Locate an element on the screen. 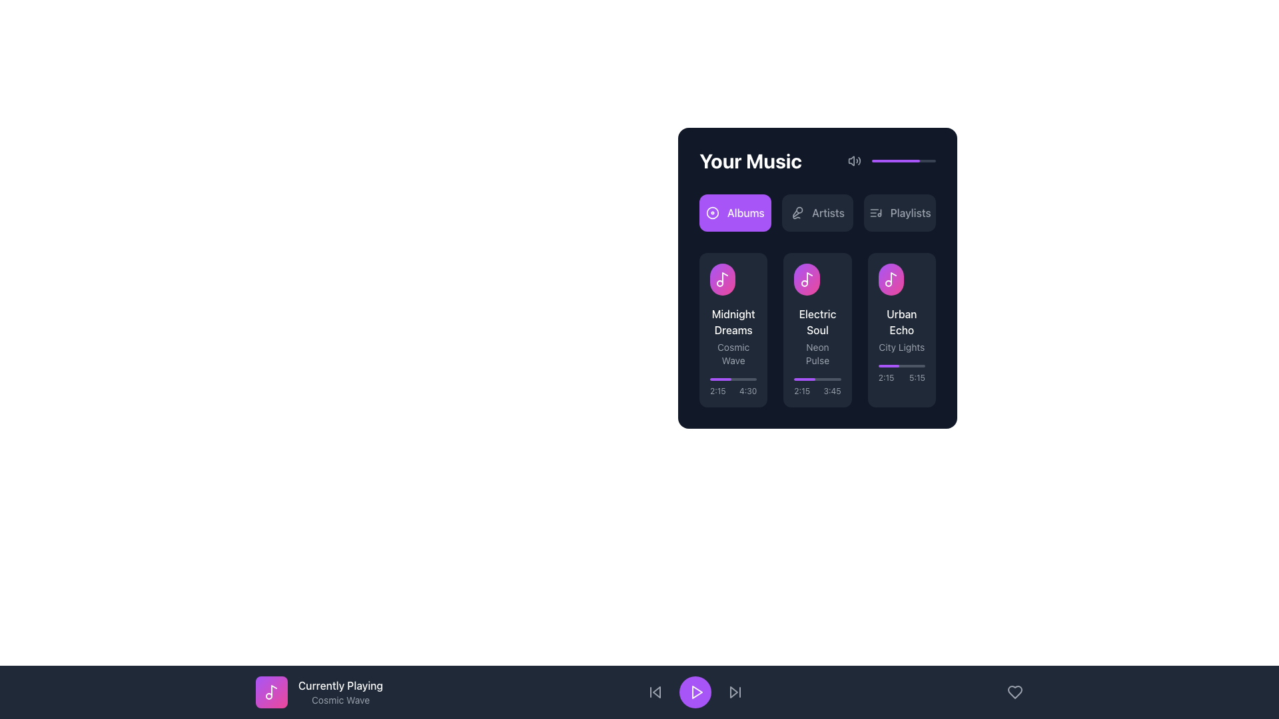 This screenshot has height=719, width=1279. elapsed time '2:15' and total time '5:15' from the playback progress bar located in the bottom section of the 'Urban Echo' card, directly below the title 'City Lights' is located at coordinates (901, 374).